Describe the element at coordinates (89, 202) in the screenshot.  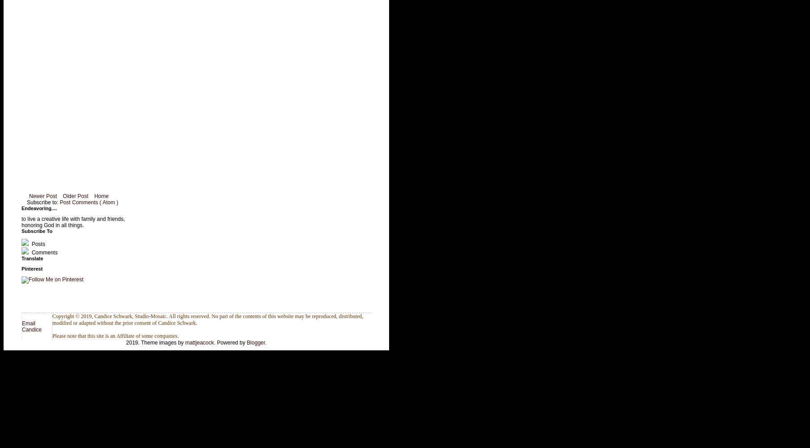
I see `'Post Comments
                                      (
                                      Atom
                                      )'` at that location.